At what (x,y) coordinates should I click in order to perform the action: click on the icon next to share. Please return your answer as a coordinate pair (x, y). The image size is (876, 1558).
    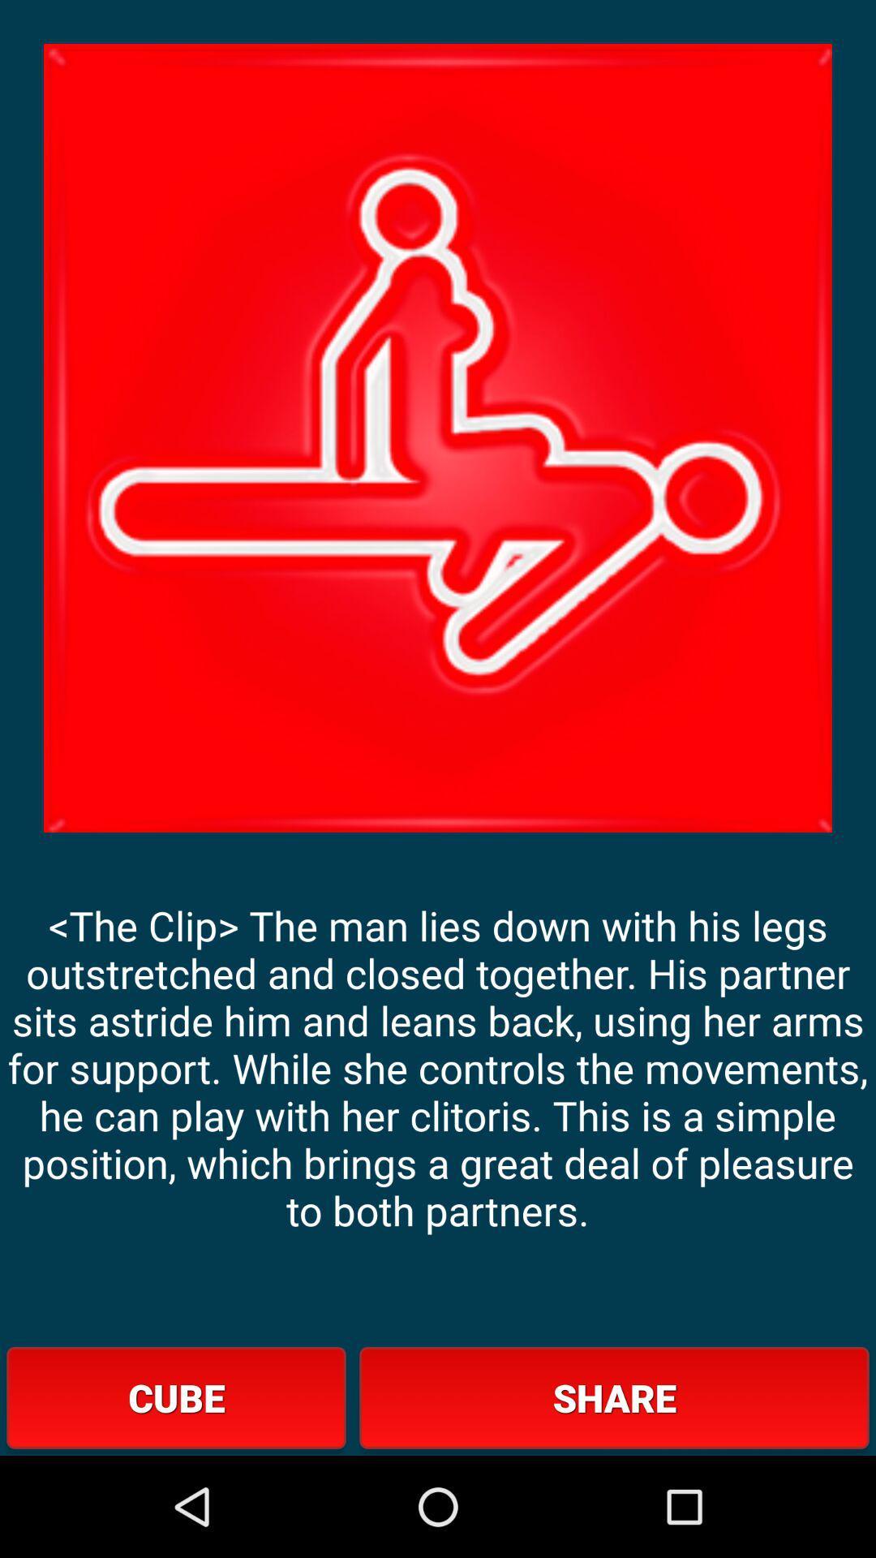
    Looking at the image, I should click on (176, 1397).